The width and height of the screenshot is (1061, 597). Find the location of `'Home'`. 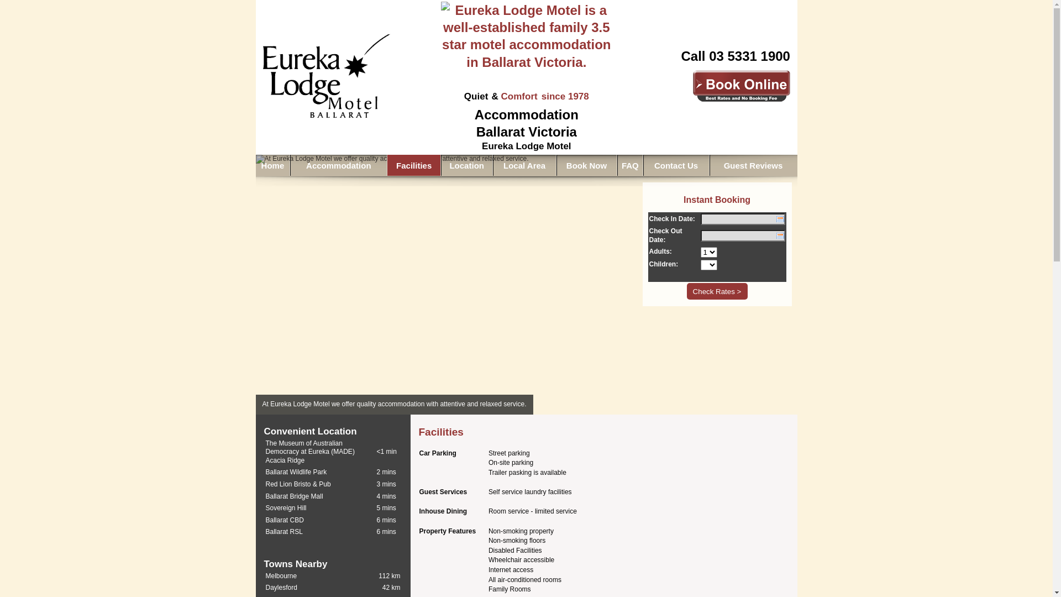

'Home' is located at coordinates (272, 165).